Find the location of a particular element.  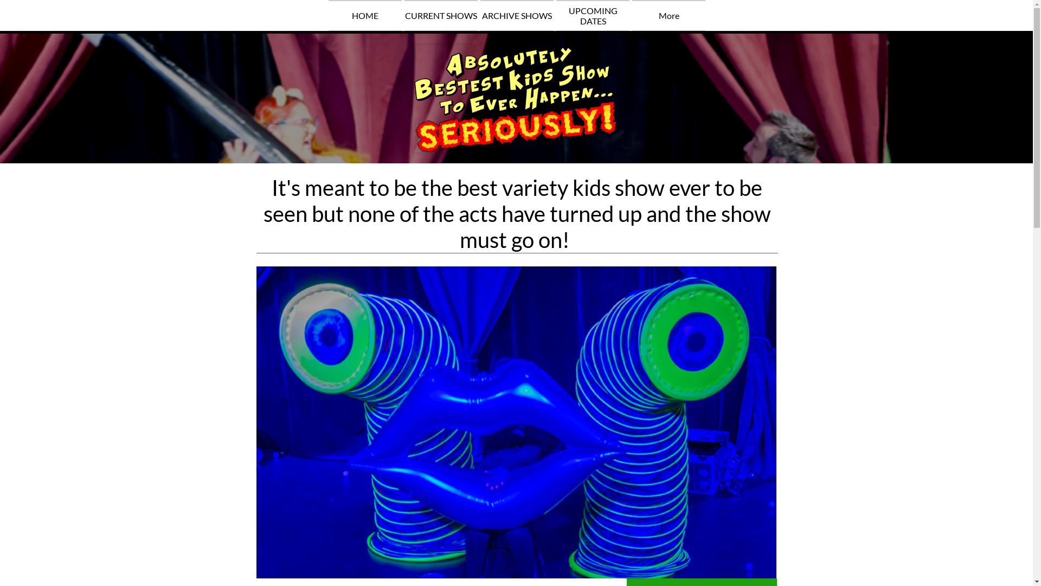

'CURRENT SHOWS' is located at coordinates (403, 15).